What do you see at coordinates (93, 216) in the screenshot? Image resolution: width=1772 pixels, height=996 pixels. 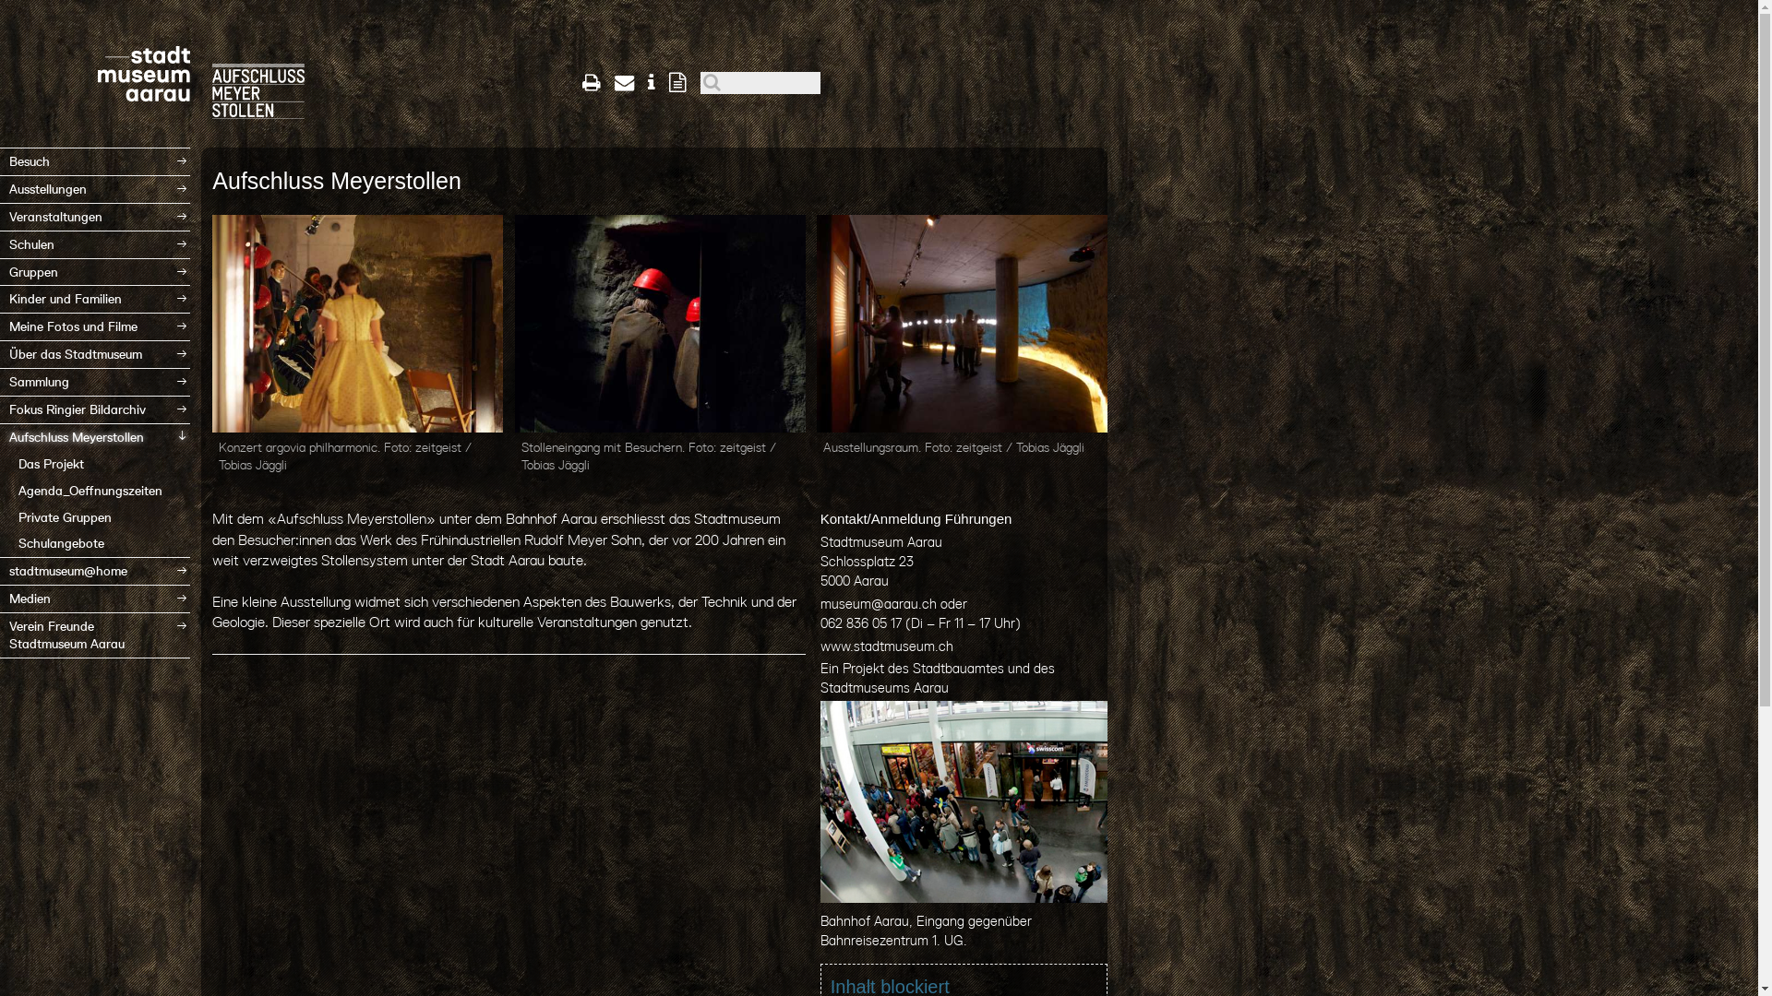 I see `'Veranstaltungen'` at bounding box center [93, 216].